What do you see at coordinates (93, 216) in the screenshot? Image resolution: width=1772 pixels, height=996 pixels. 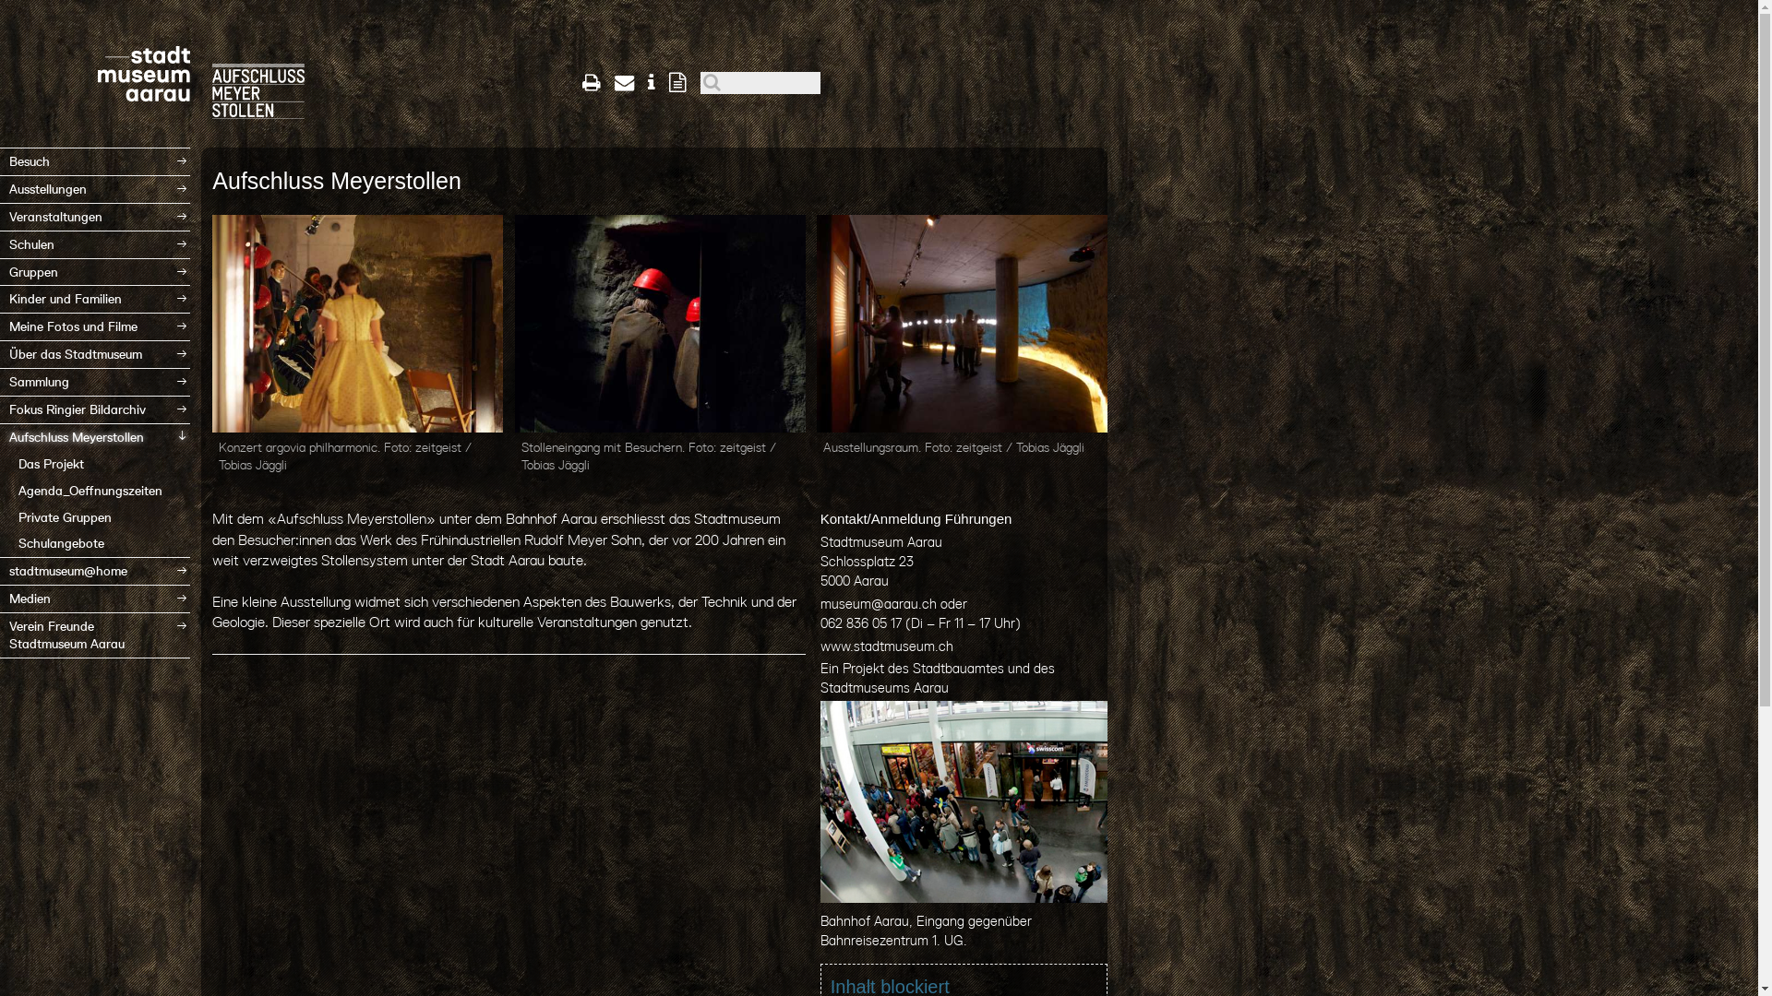 I see `'Veranstaltungen'` at bounding box center [93, 216].